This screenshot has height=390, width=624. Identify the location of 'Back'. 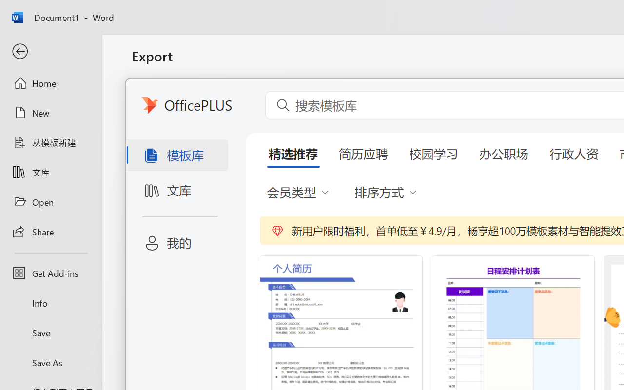
(50, 51).